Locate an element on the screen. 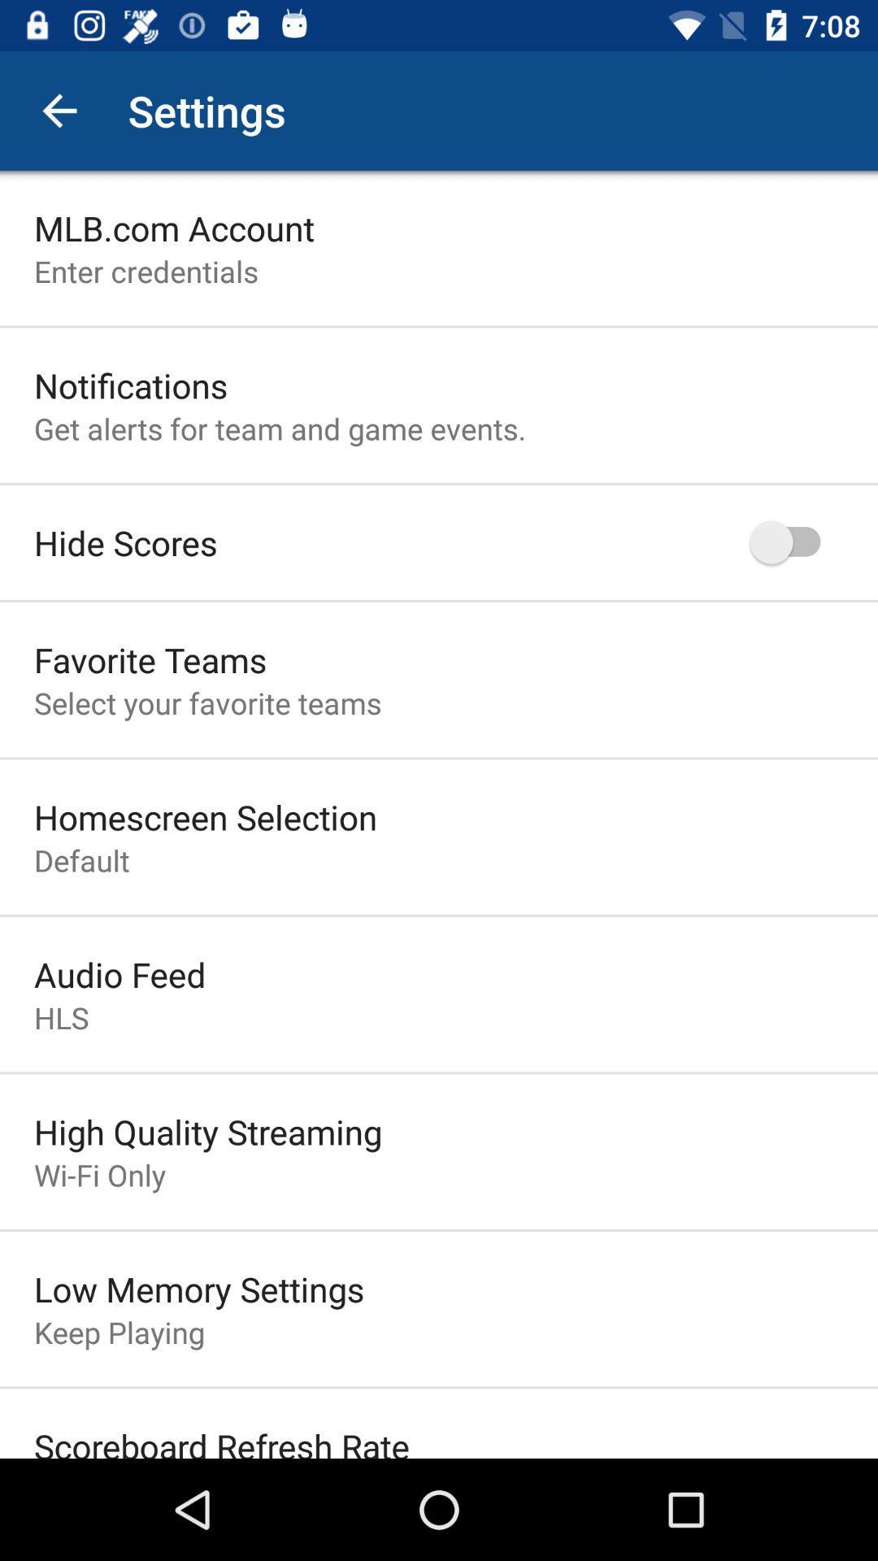  item above low memory settings item is located at coordinates (100, 1175).